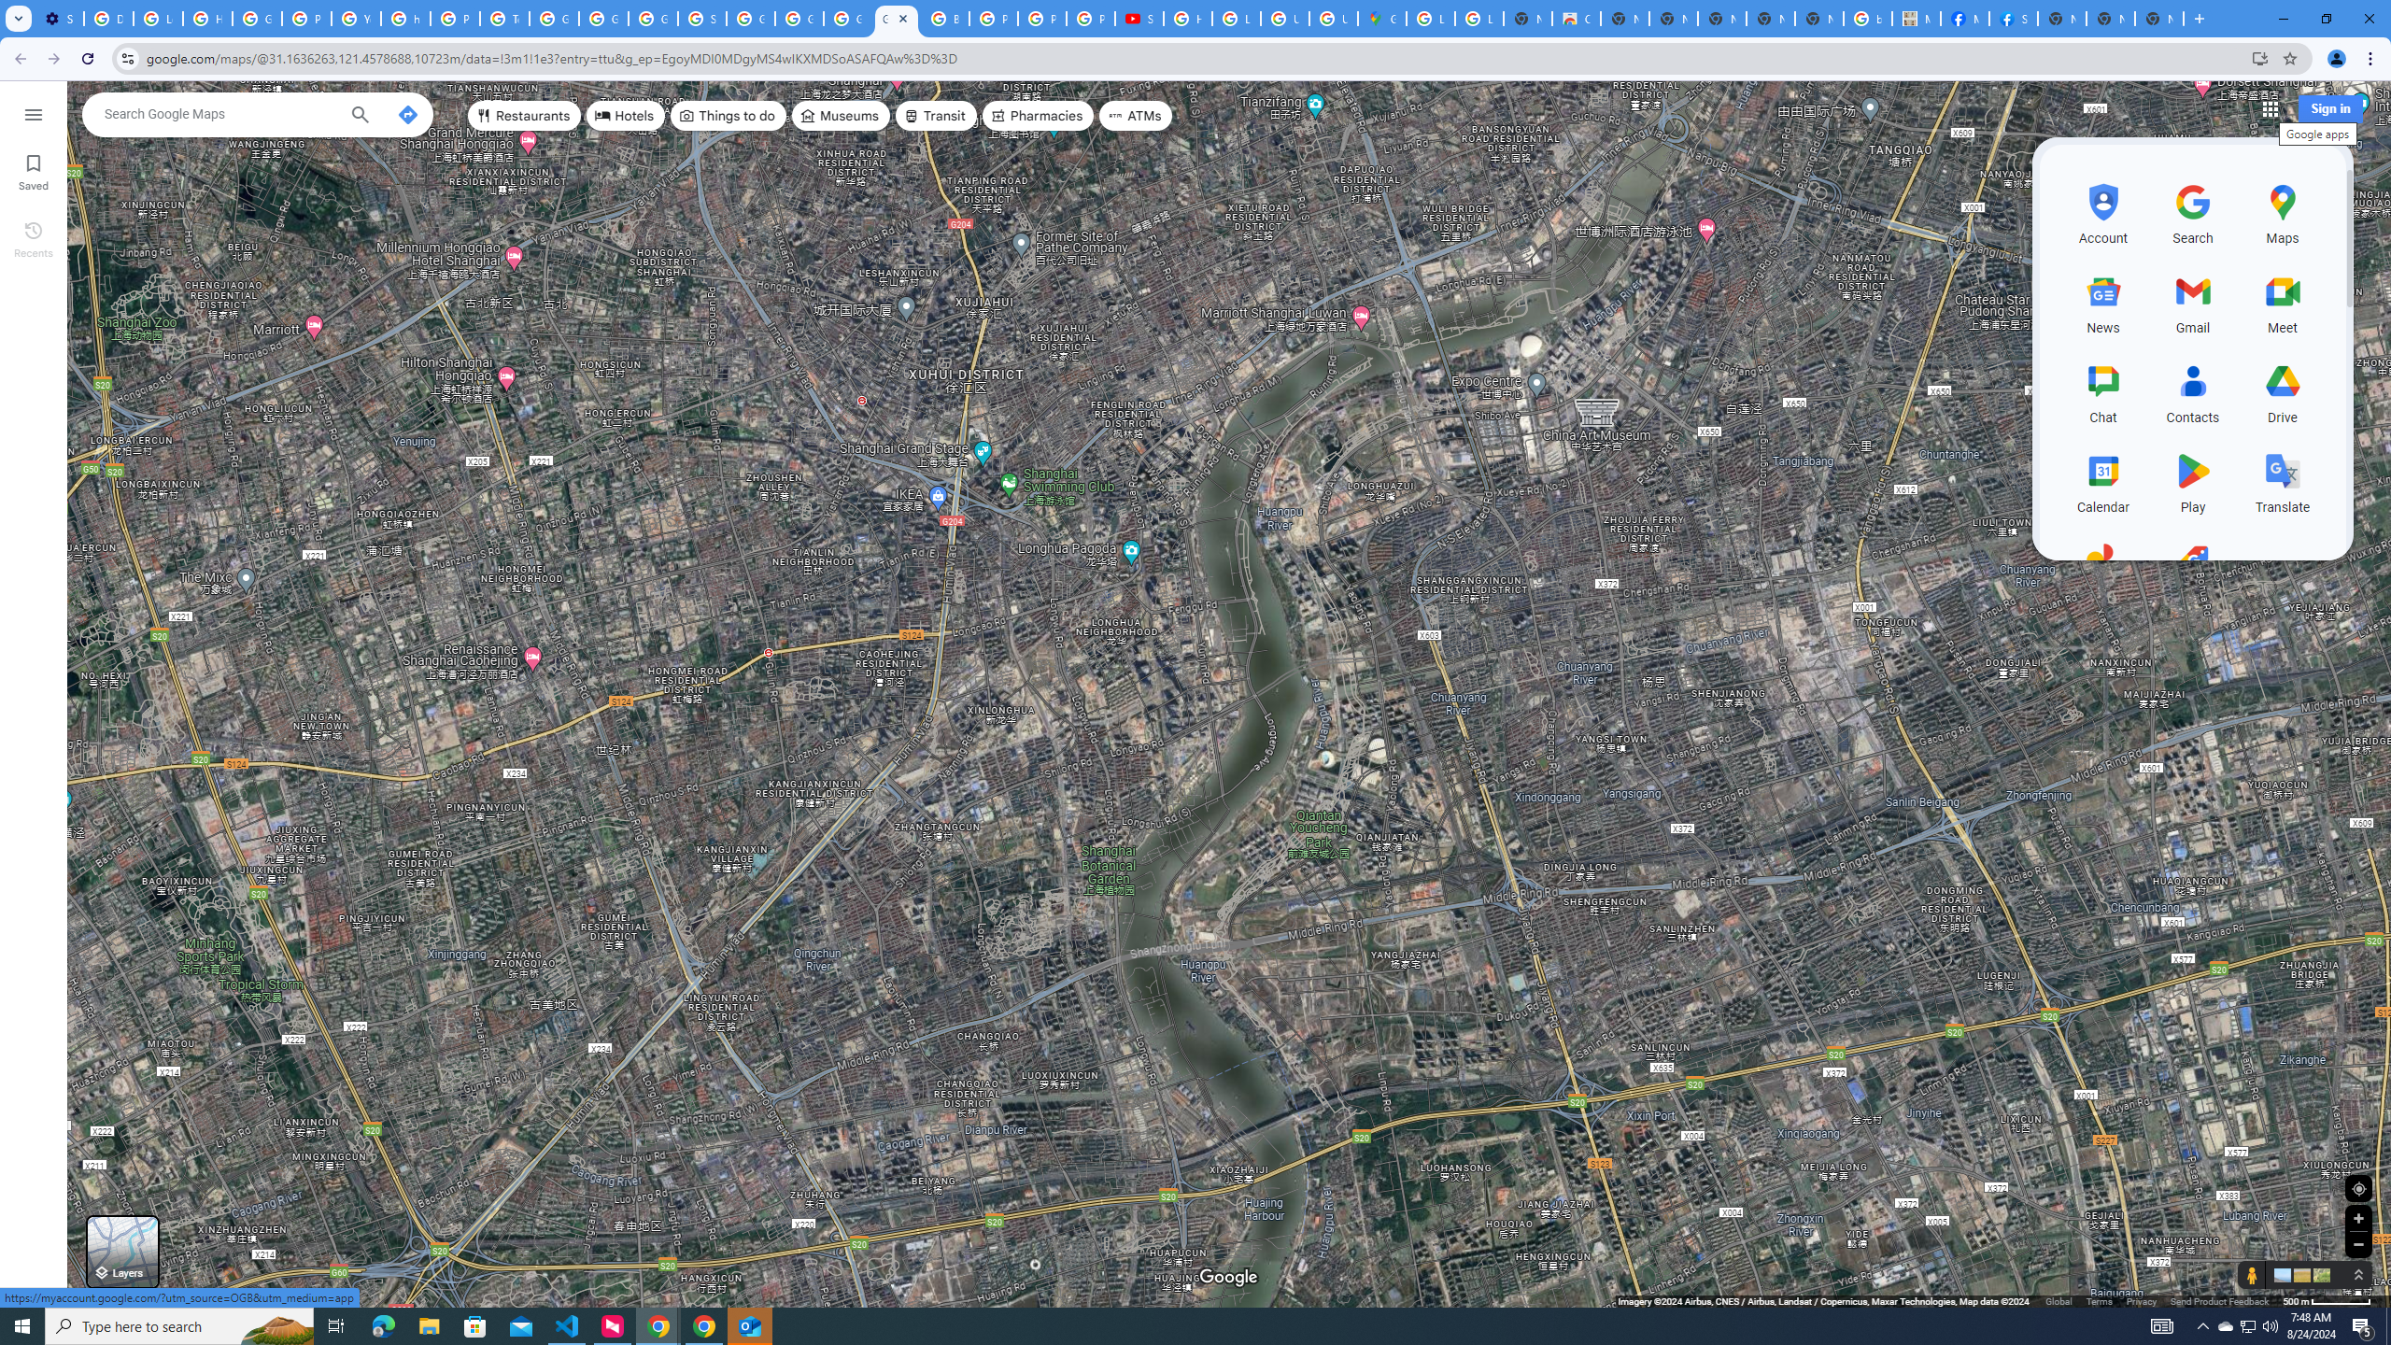 The width and height of the screenshot is (2391, 1345). Describe the element at coordinates (944, 18) in the screenshot. I see `'Blogger Policies and Guidelines - Transparency Center'` at that location.